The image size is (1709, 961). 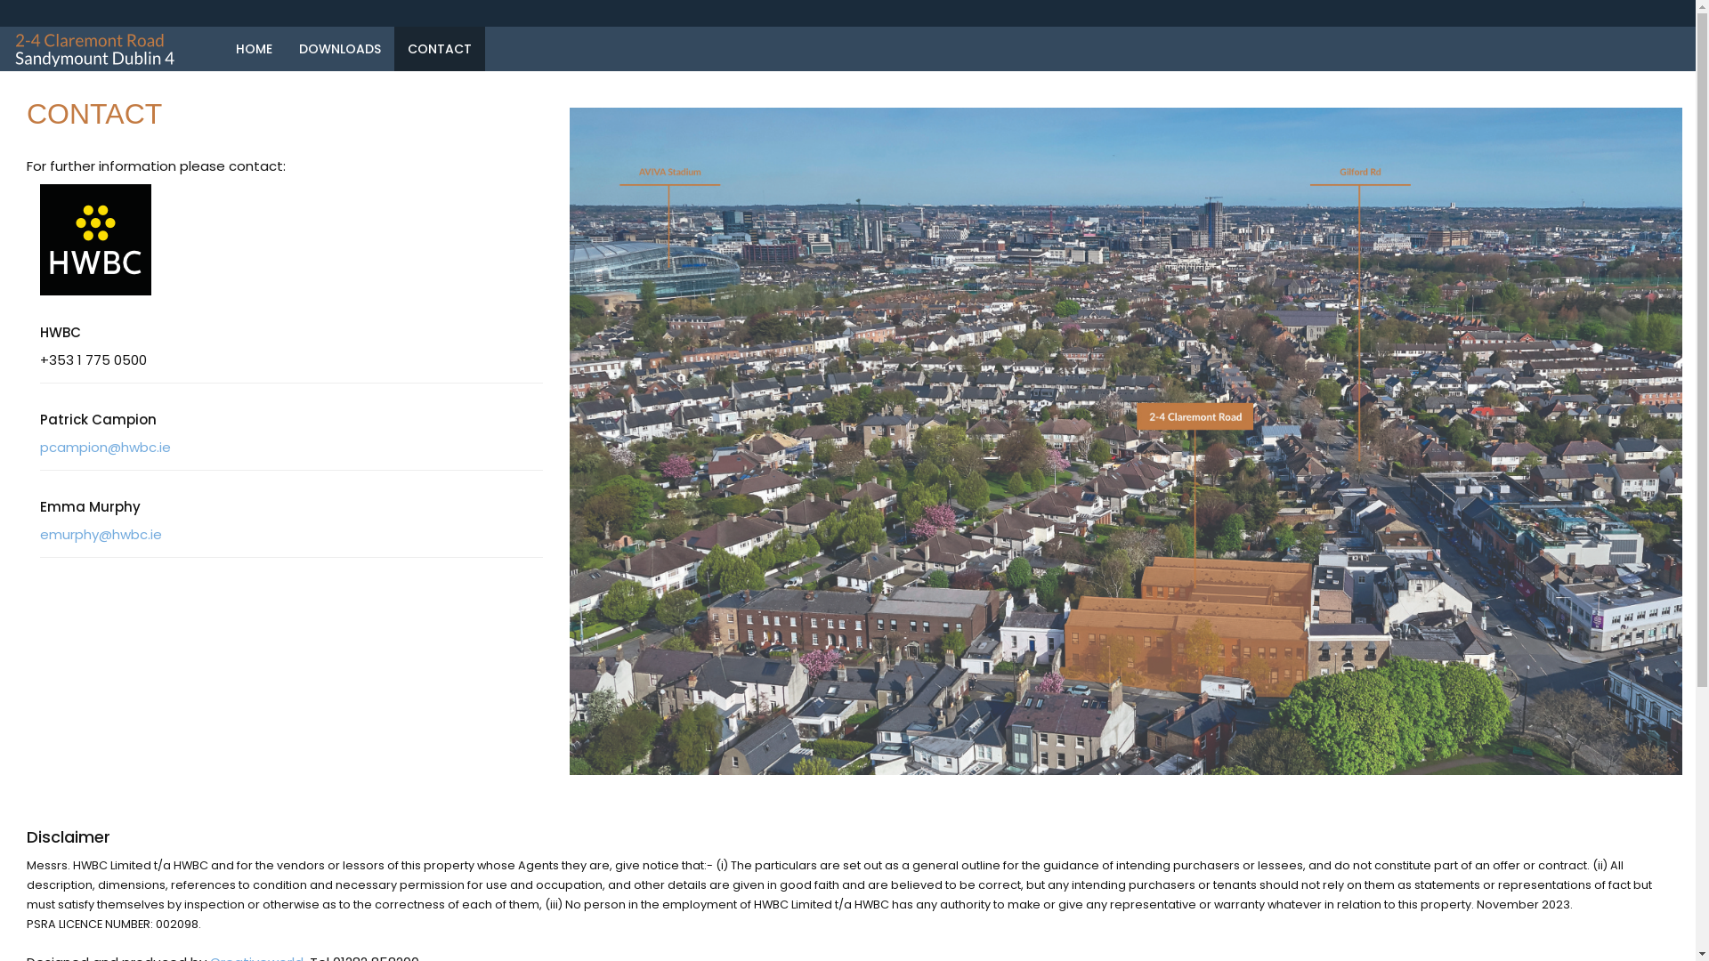 What do you see at coordinates (253, 47) in the screenshot?
I see `'HOME'` at bounding box center [253, 47].